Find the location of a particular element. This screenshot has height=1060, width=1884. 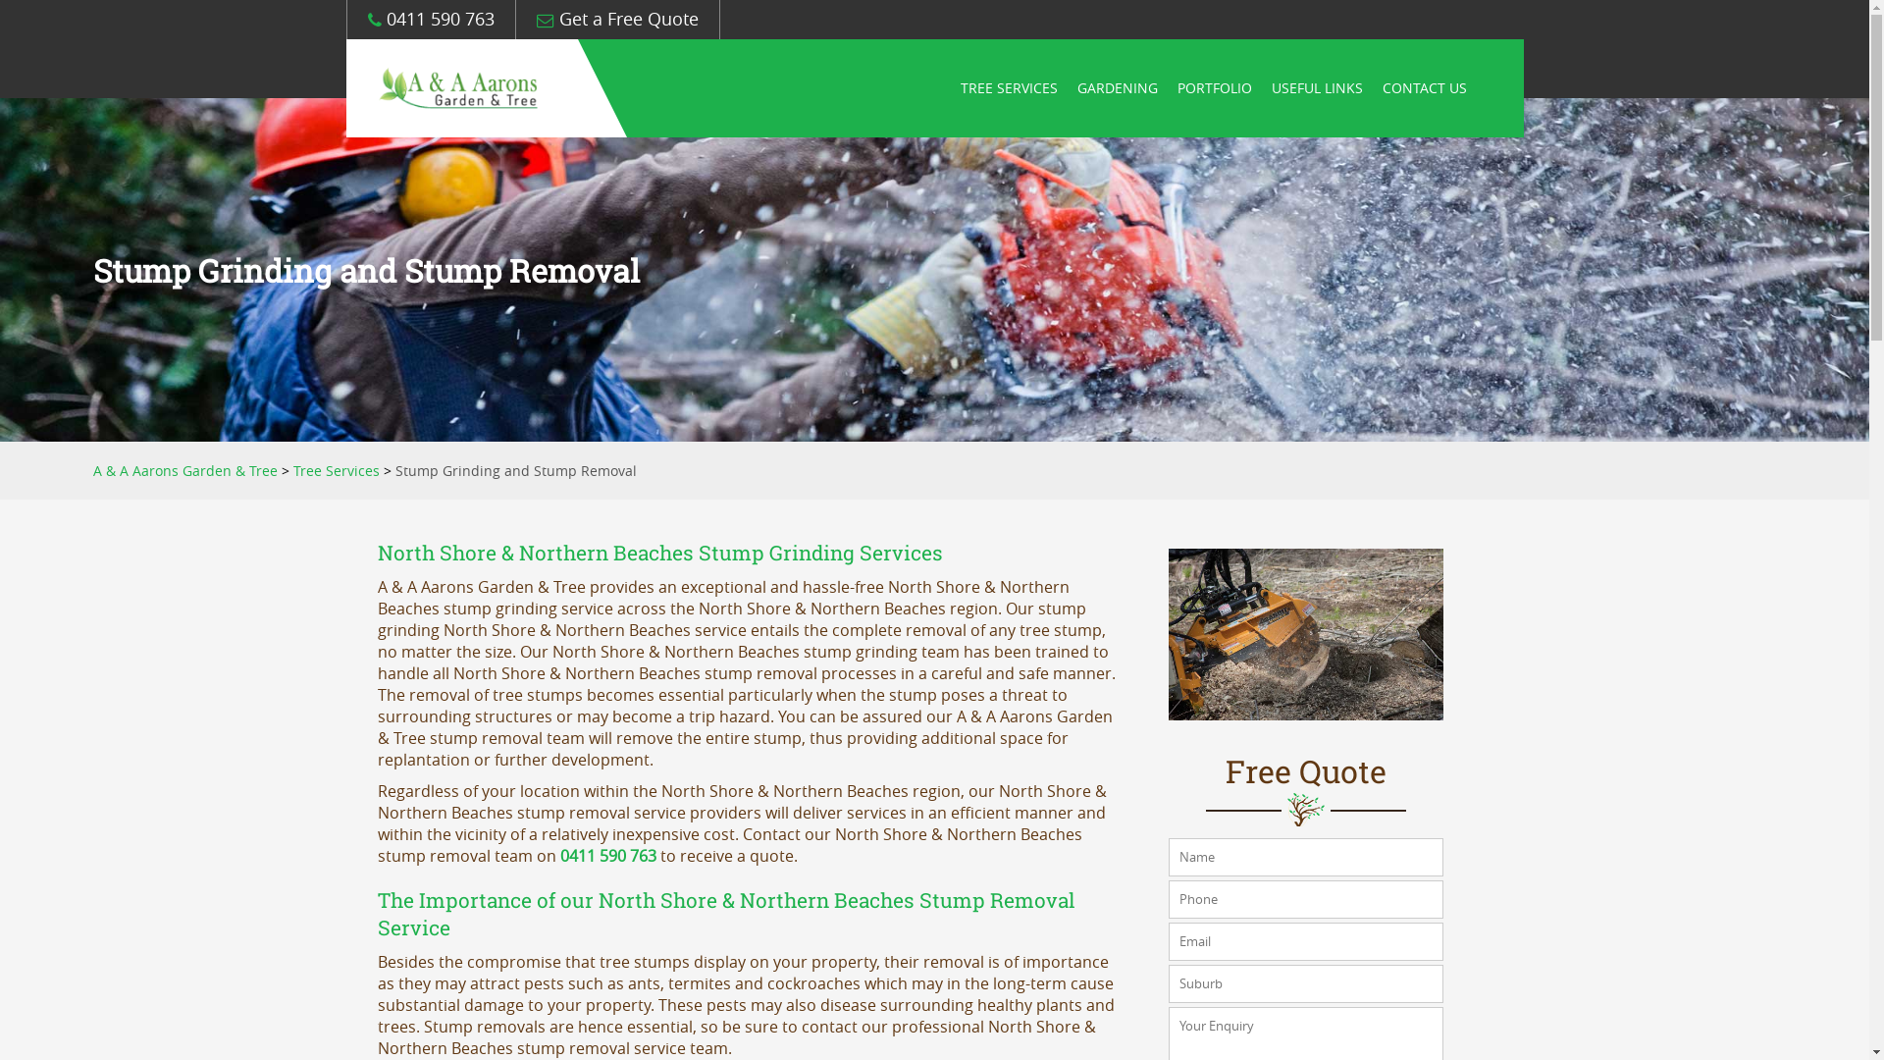

'Get a Free Quote' is located at coordinates (615, 19).